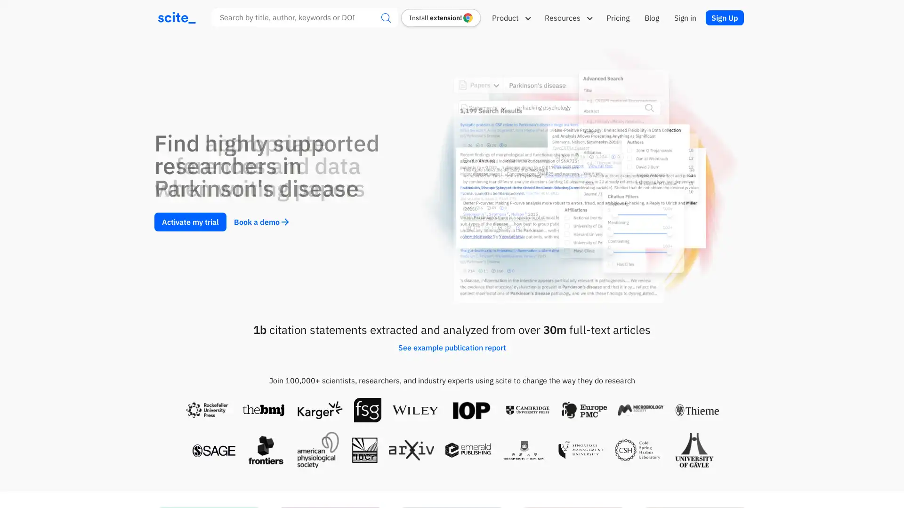 This screenshot has height=508, width=904. Describe the element at coordinates (440, 17) in the screenshot. I see `Install extension! chrome` at that location.